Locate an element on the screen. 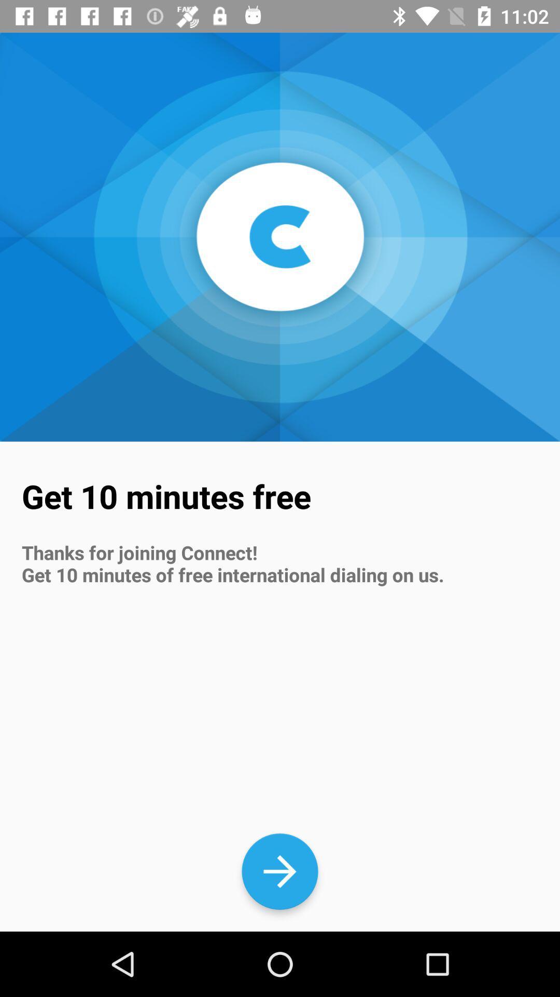 The image size is (560, 997). the arrow_forward icon is located at coordinates (280, 933).